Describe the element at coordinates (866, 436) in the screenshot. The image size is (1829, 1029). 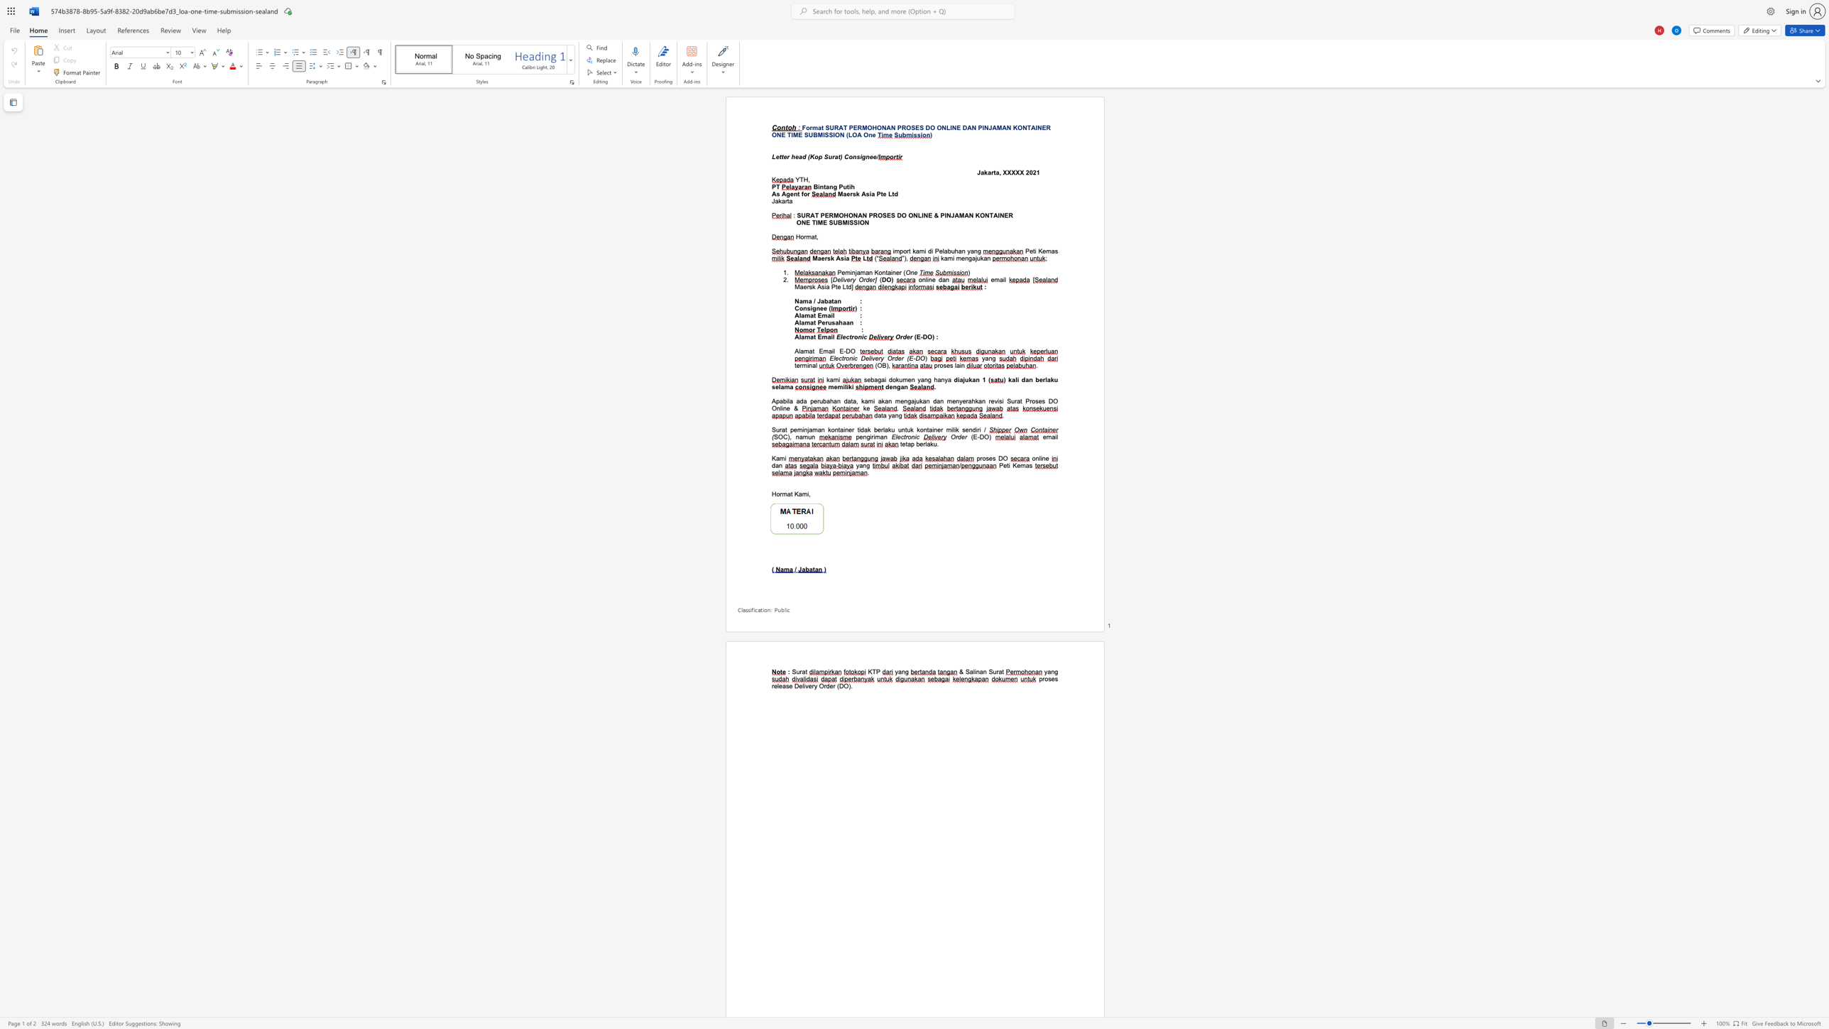
I see `the space between the continuous character "n" and "g" in the text` at that location.